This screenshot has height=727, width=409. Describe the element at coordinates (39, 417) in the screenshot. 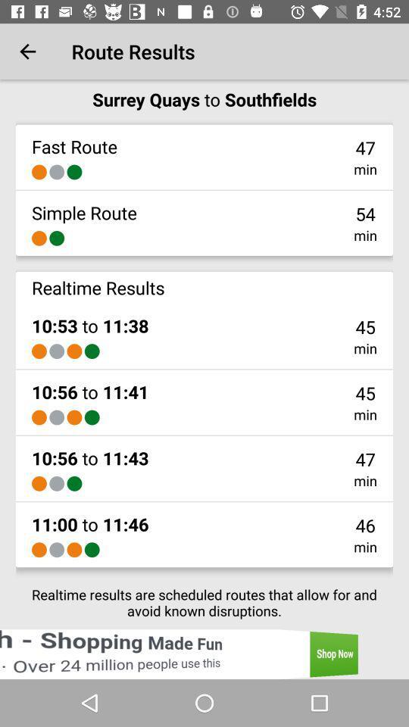

I see `item above the 10 56 to item` at that location.